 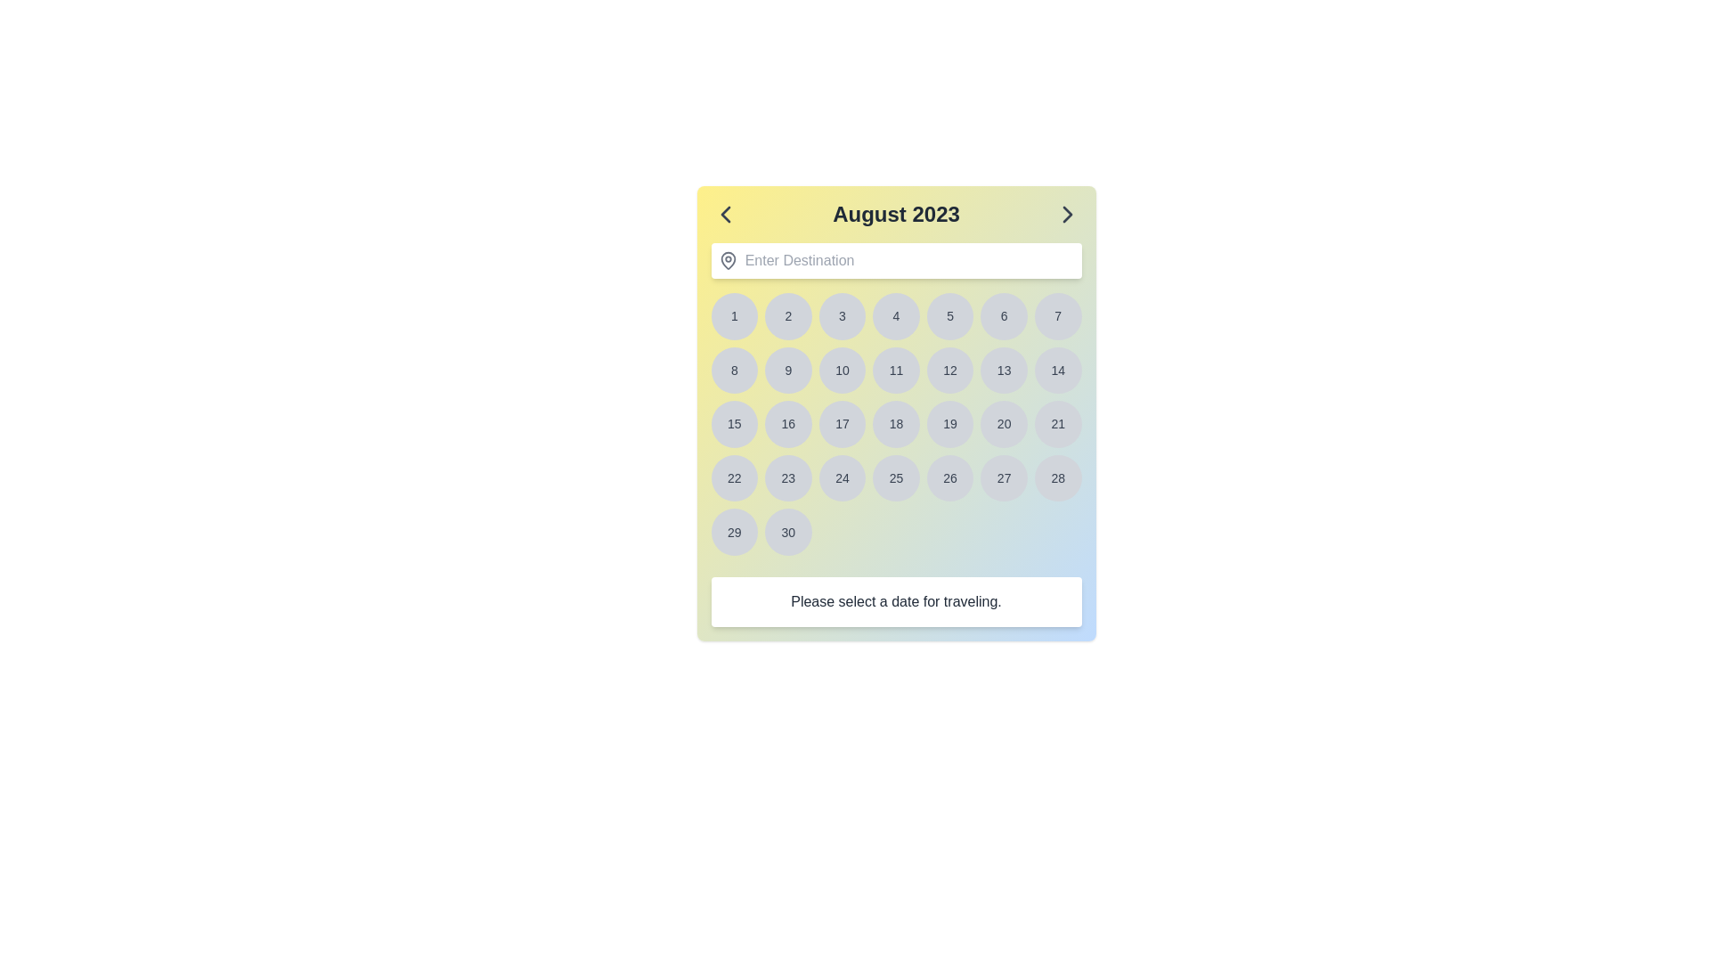 I want to click on the selectable day button located in the third column of the first row of the calendar interface, so click(x=841, y=315).